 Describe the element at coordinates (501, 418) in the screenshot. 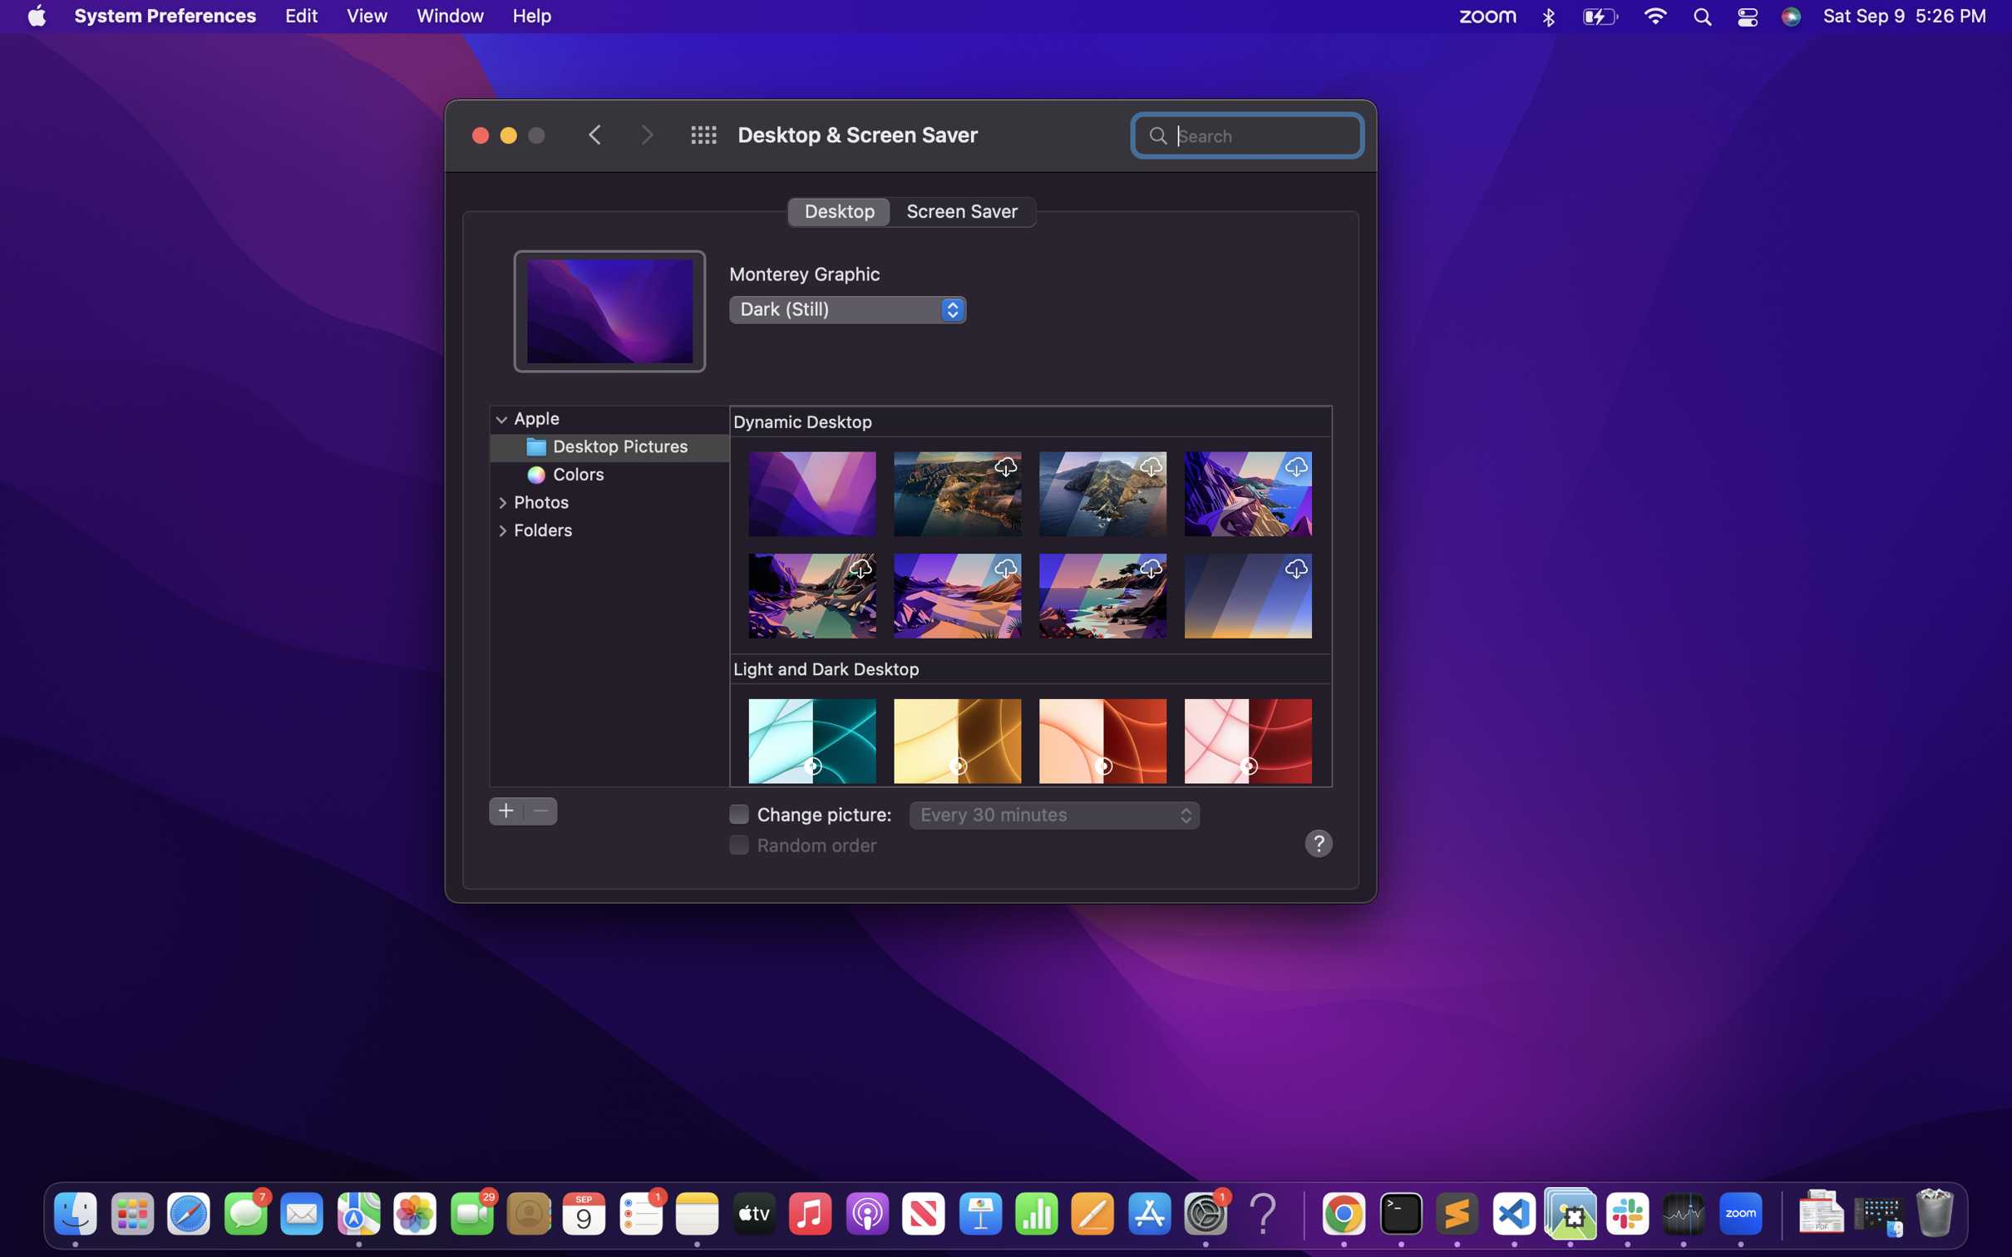

I see `the option menu` at that location.